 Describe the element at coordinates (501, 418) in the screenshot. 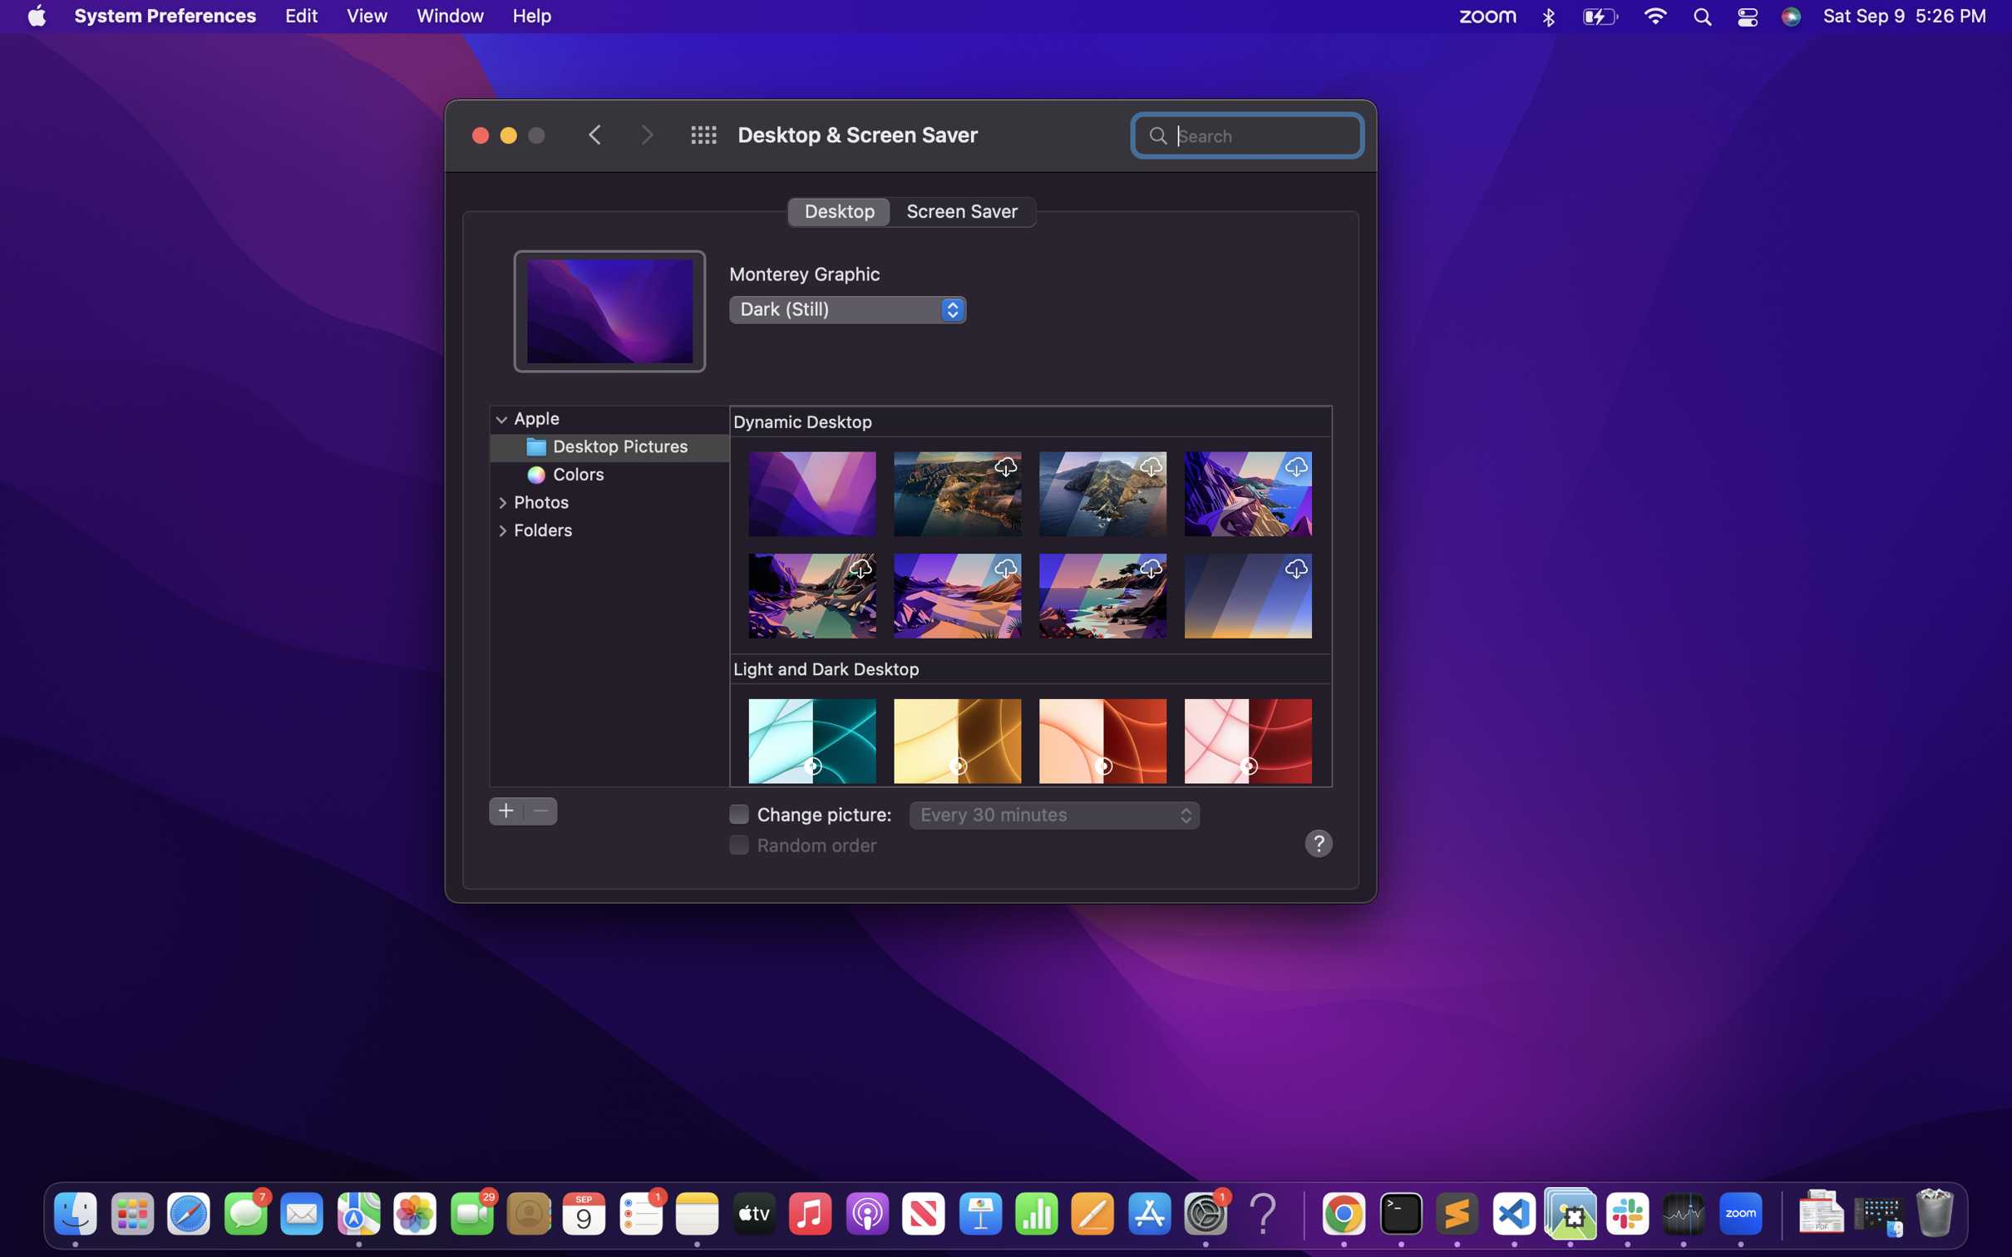

I see `the option menu` at that location.